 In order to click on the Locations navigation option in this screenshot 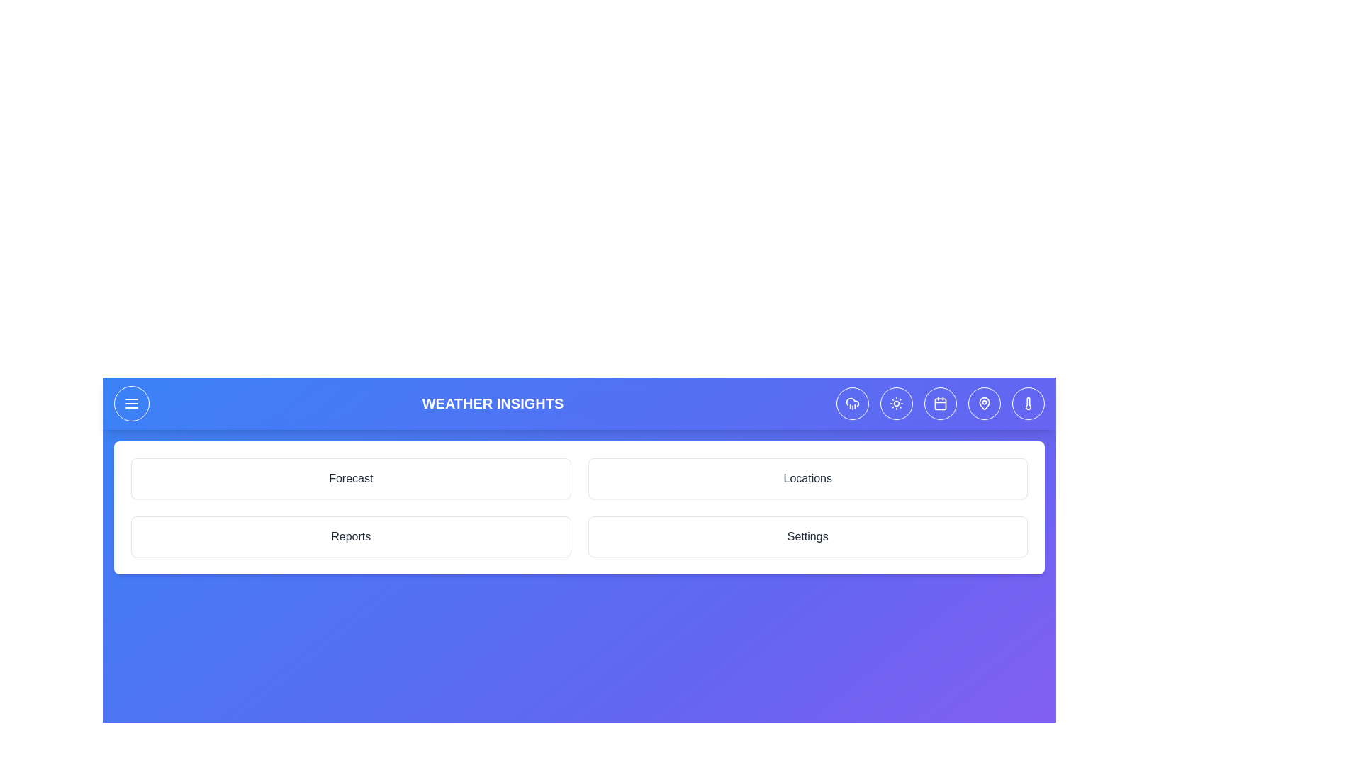, I will do `click(807, 478)`.